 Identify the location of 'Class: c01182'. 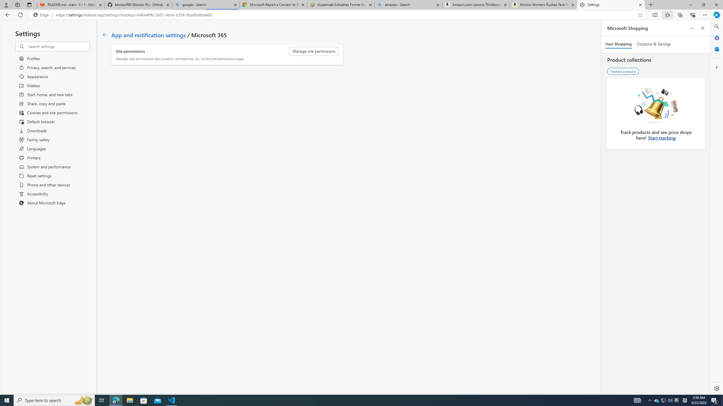
(104, 34).